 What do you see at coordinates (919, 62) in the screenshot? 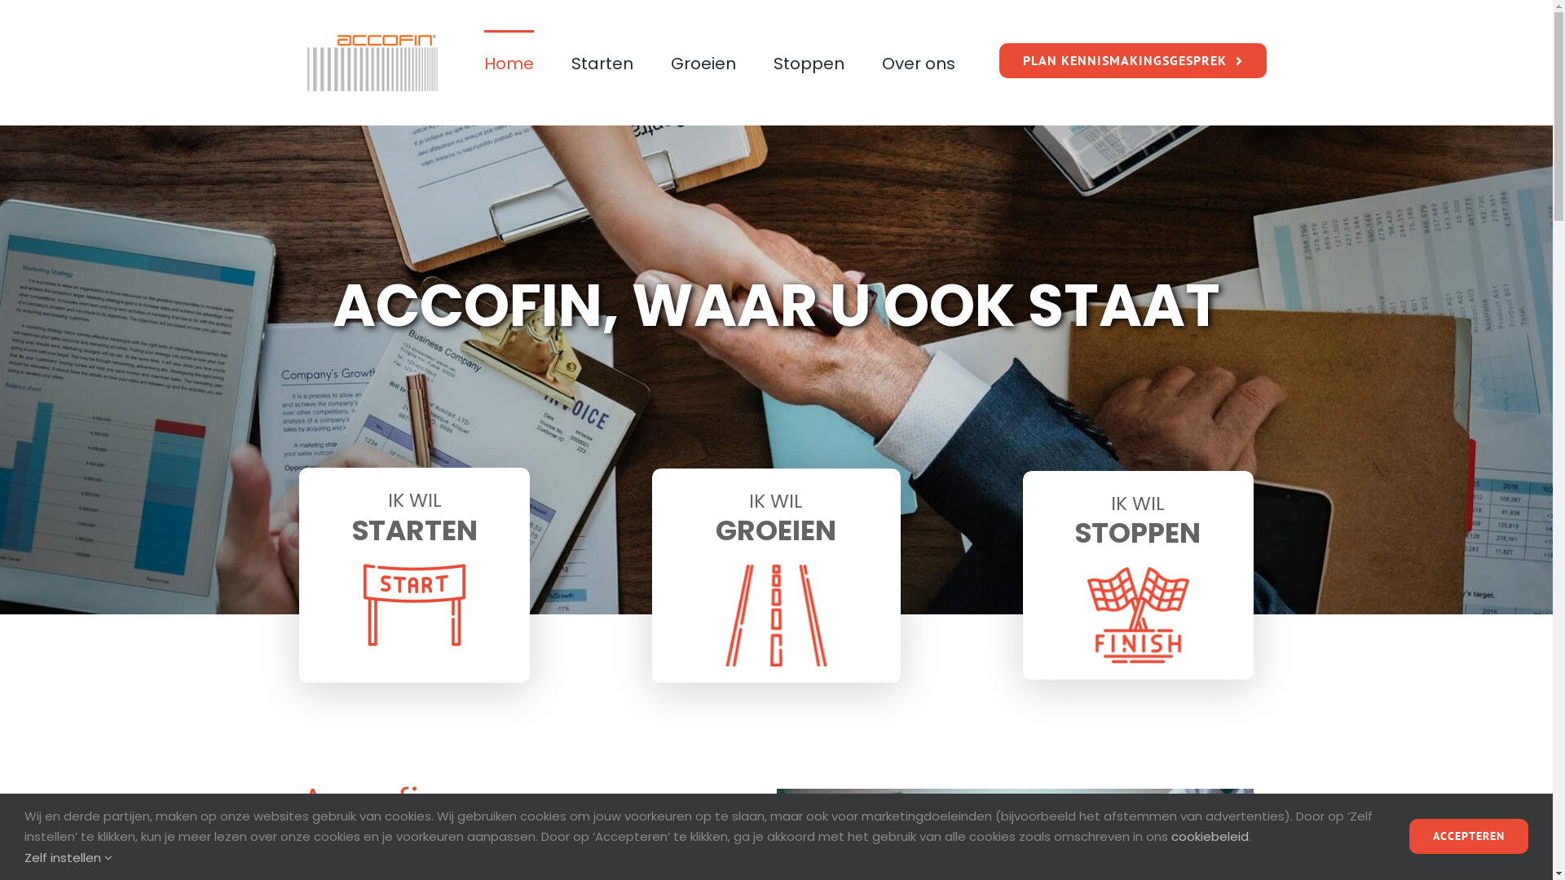
I see `'Over ons'` at bounding box center [919, 62].